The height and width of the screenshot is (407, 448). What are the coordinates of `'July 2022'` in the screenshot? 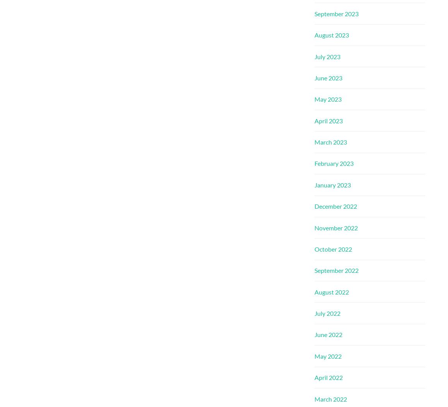 It's located at (327, 313).